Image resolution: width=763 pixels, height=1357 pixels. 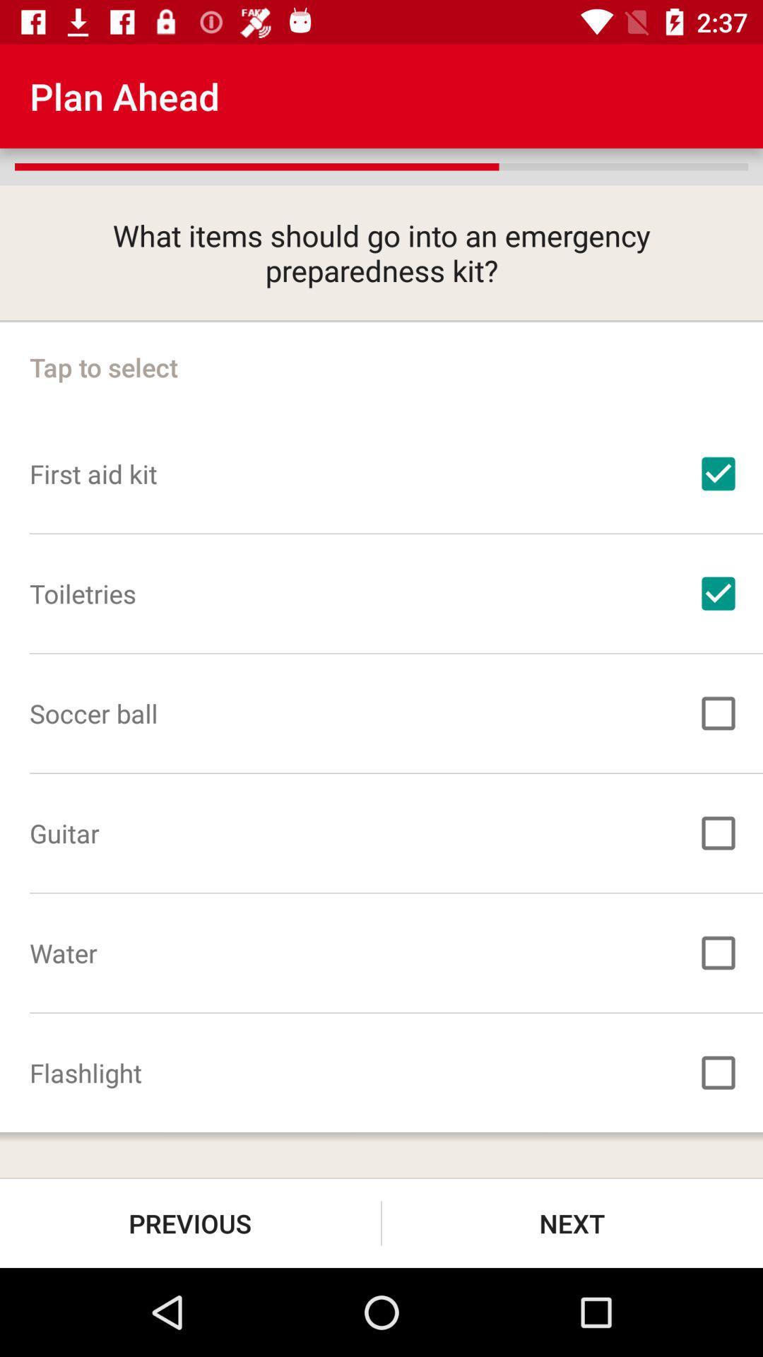 I want to click on the previous icon, so click(x=189, y=1223).